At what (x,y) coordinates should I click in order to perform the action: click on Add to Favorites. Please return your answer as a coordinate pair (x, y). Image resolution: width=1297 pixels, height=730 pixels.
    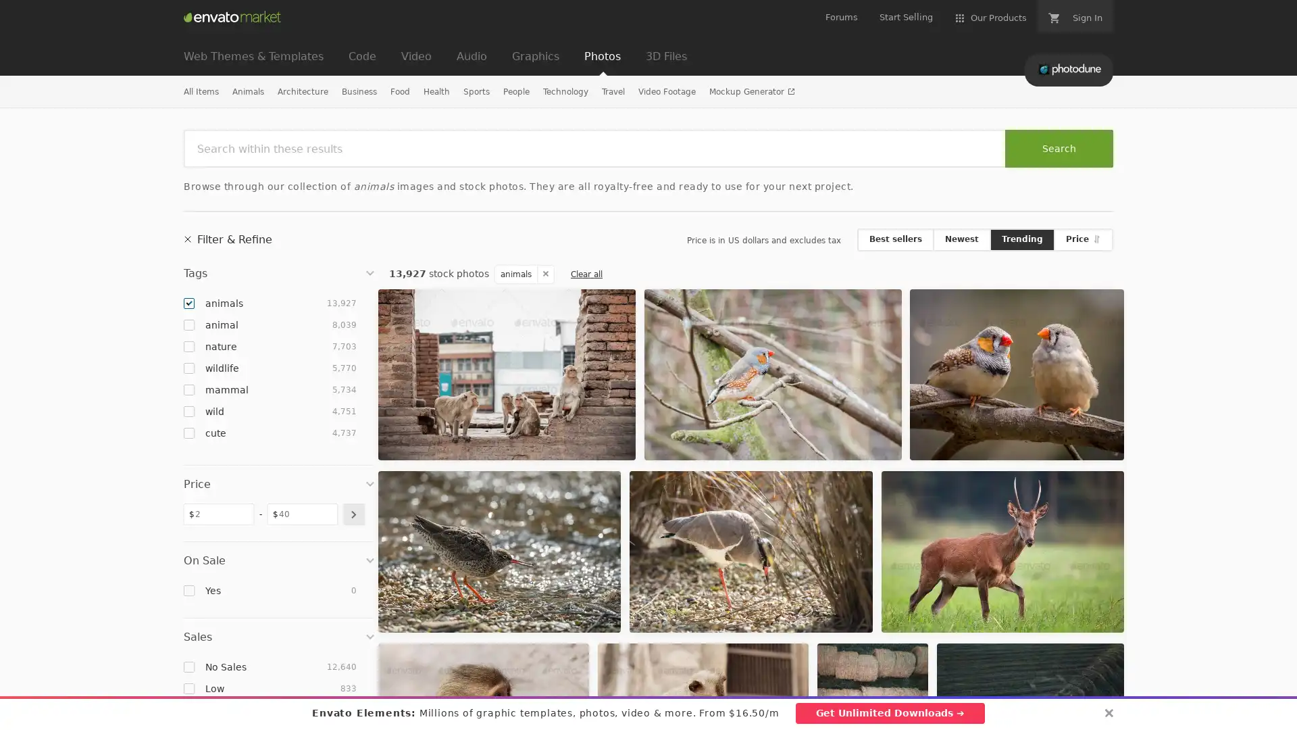
    Looking at the image, I should click on (791, 659).